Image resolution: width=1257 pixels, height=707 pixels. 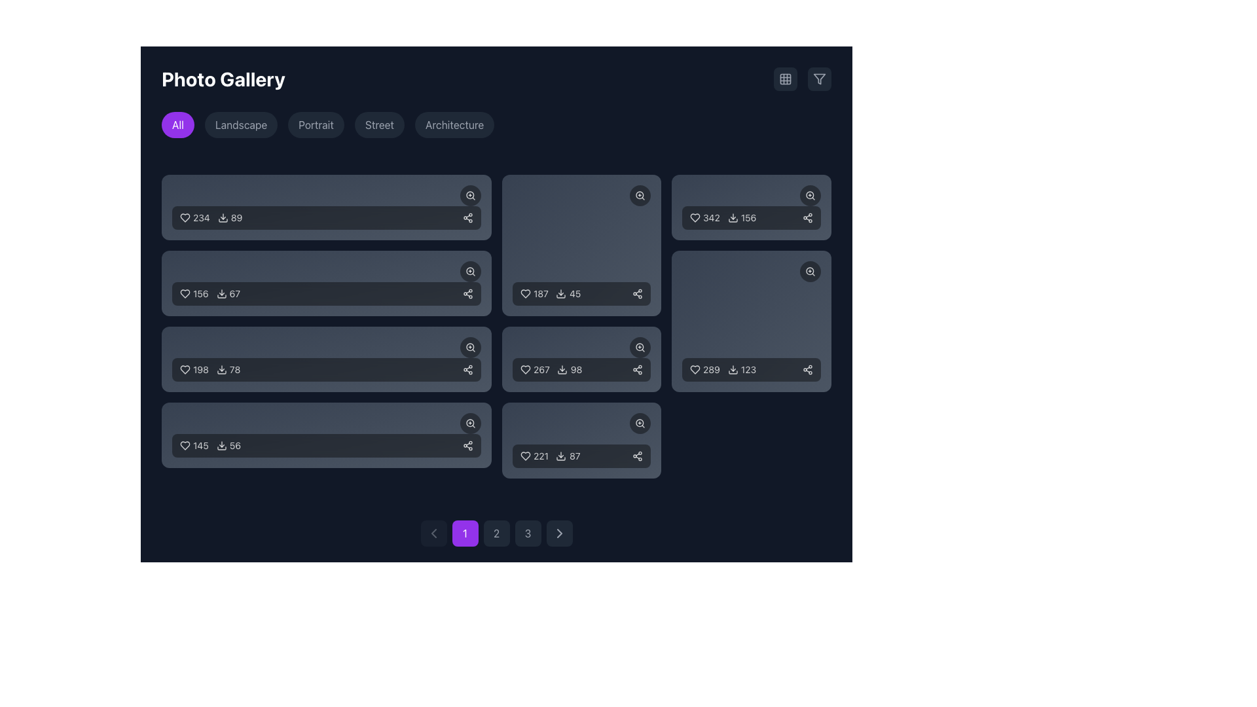 I want to click on the share icon located on the dark statistics bar at the bottom of the card in the second row and fourth column of the gallery grid to share, so click(x=581, y=359).